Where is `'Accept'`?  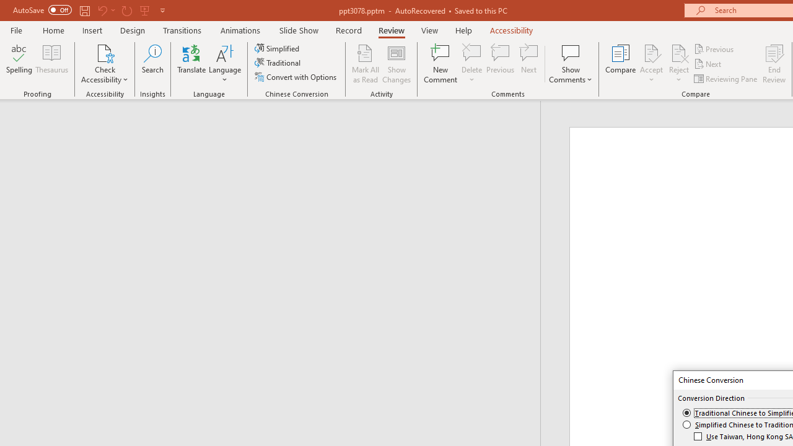 'Accept' is located at coordinates (651, 64).